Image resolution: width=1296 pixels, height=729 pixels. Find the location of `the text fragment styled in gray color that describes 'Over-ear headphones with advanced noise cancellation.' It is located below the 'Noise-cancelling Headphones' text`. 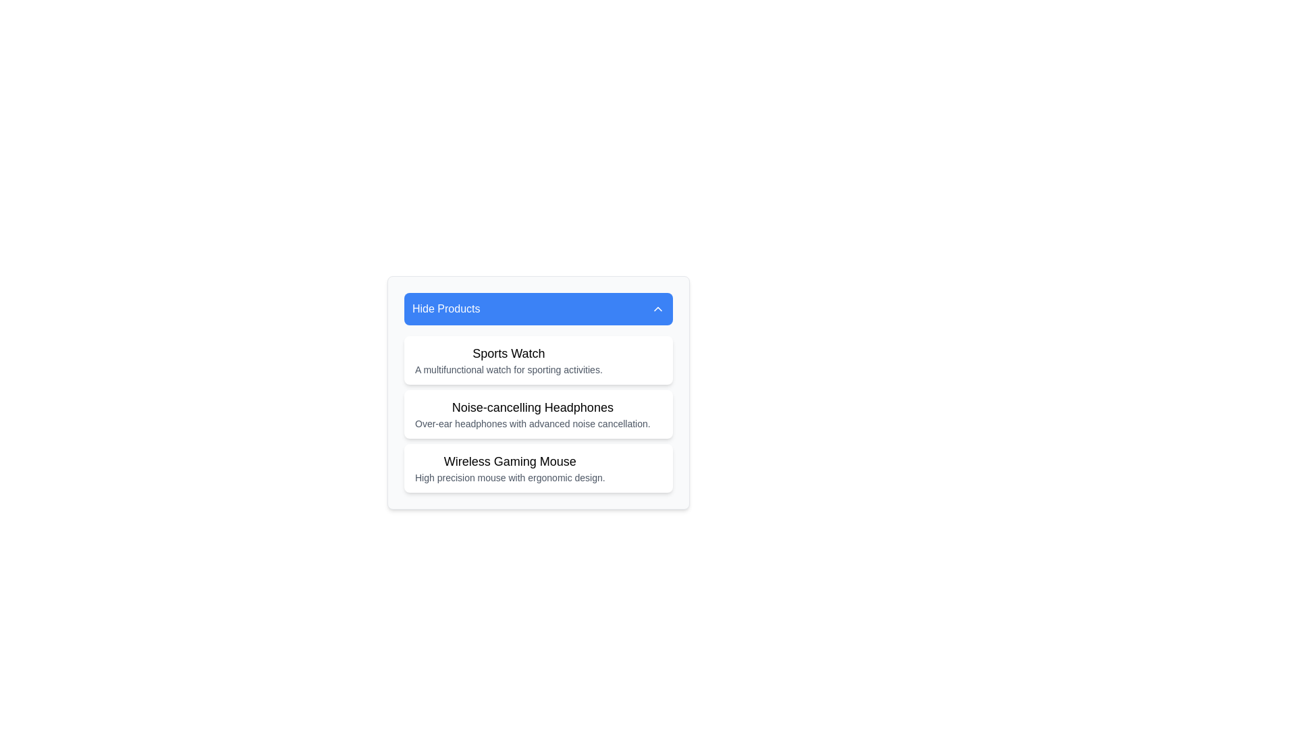

the text fragment styled in gray color that describes 'Over-ear headphones with advanced noise cancellation.' It is located below the 'Noise-cancelling Headphones' text is located at coordinates (532, 423).